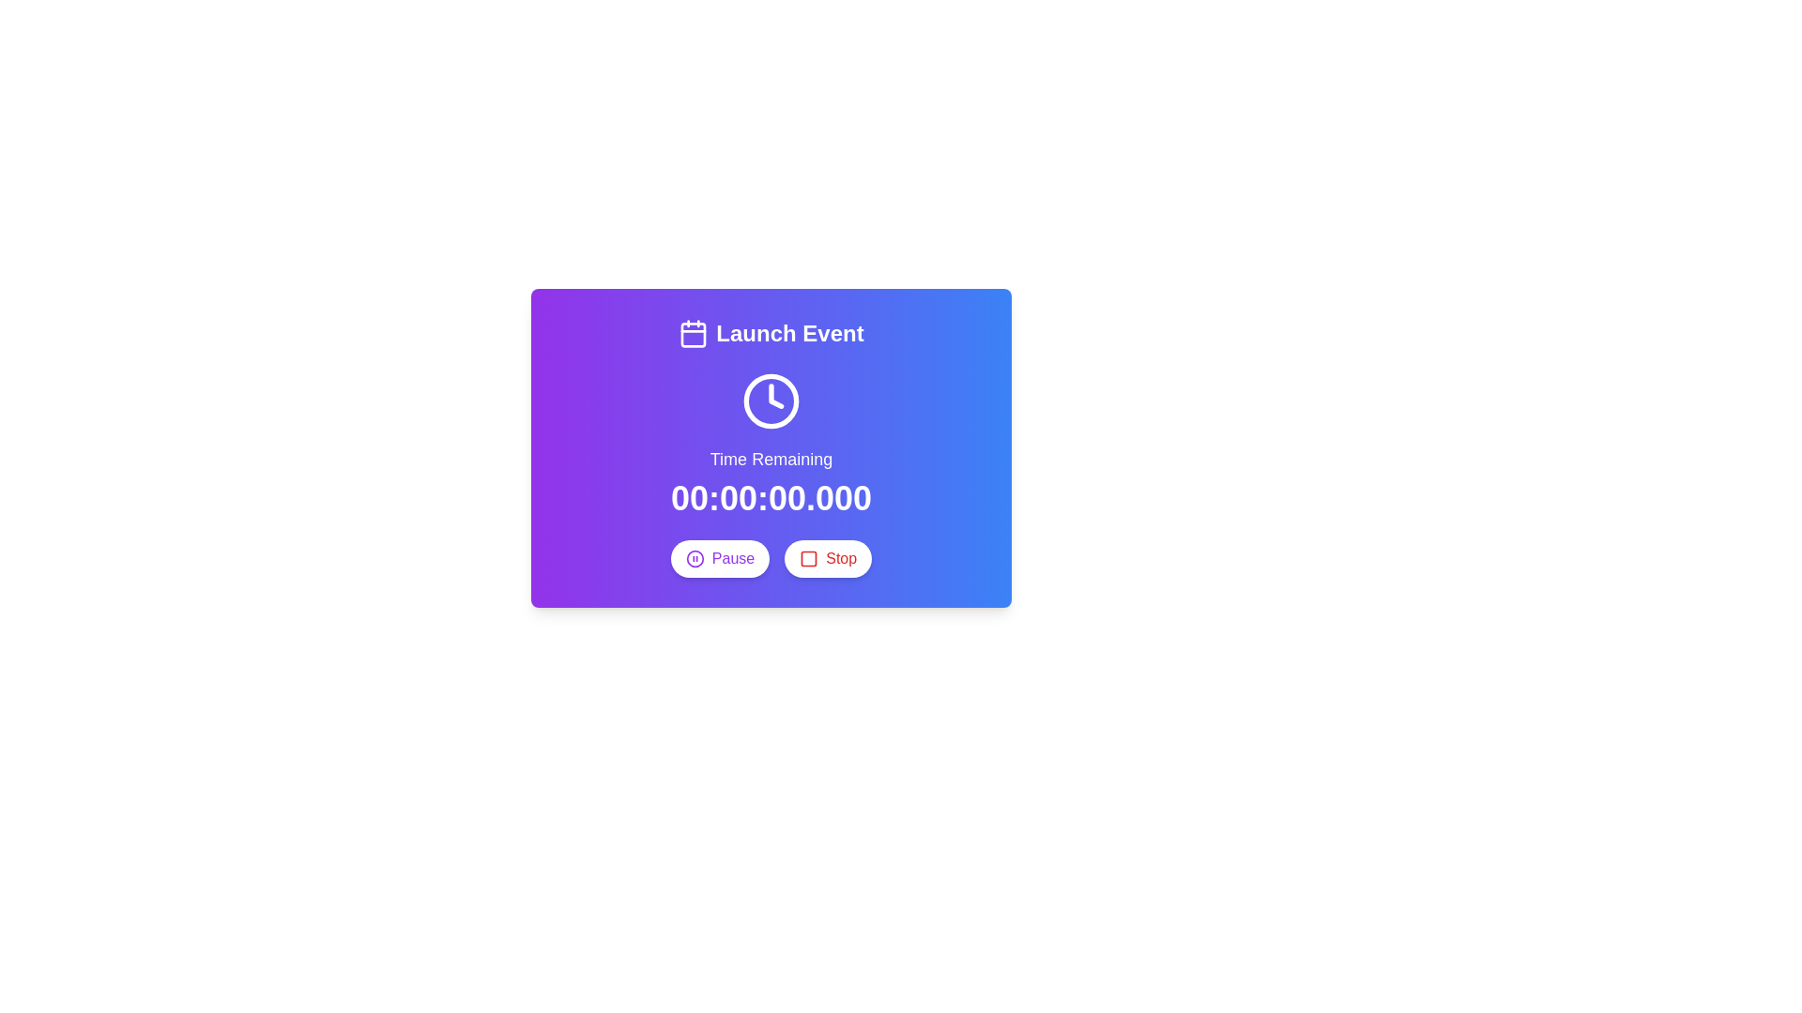  I want to click on the bold, large-sized text element displaying '00:00:00.000', which is centrally located within a visually distinct card with a gradient background, positioned below the subtitle 'Time Remaining' and a clock icon, so click(771, 498).